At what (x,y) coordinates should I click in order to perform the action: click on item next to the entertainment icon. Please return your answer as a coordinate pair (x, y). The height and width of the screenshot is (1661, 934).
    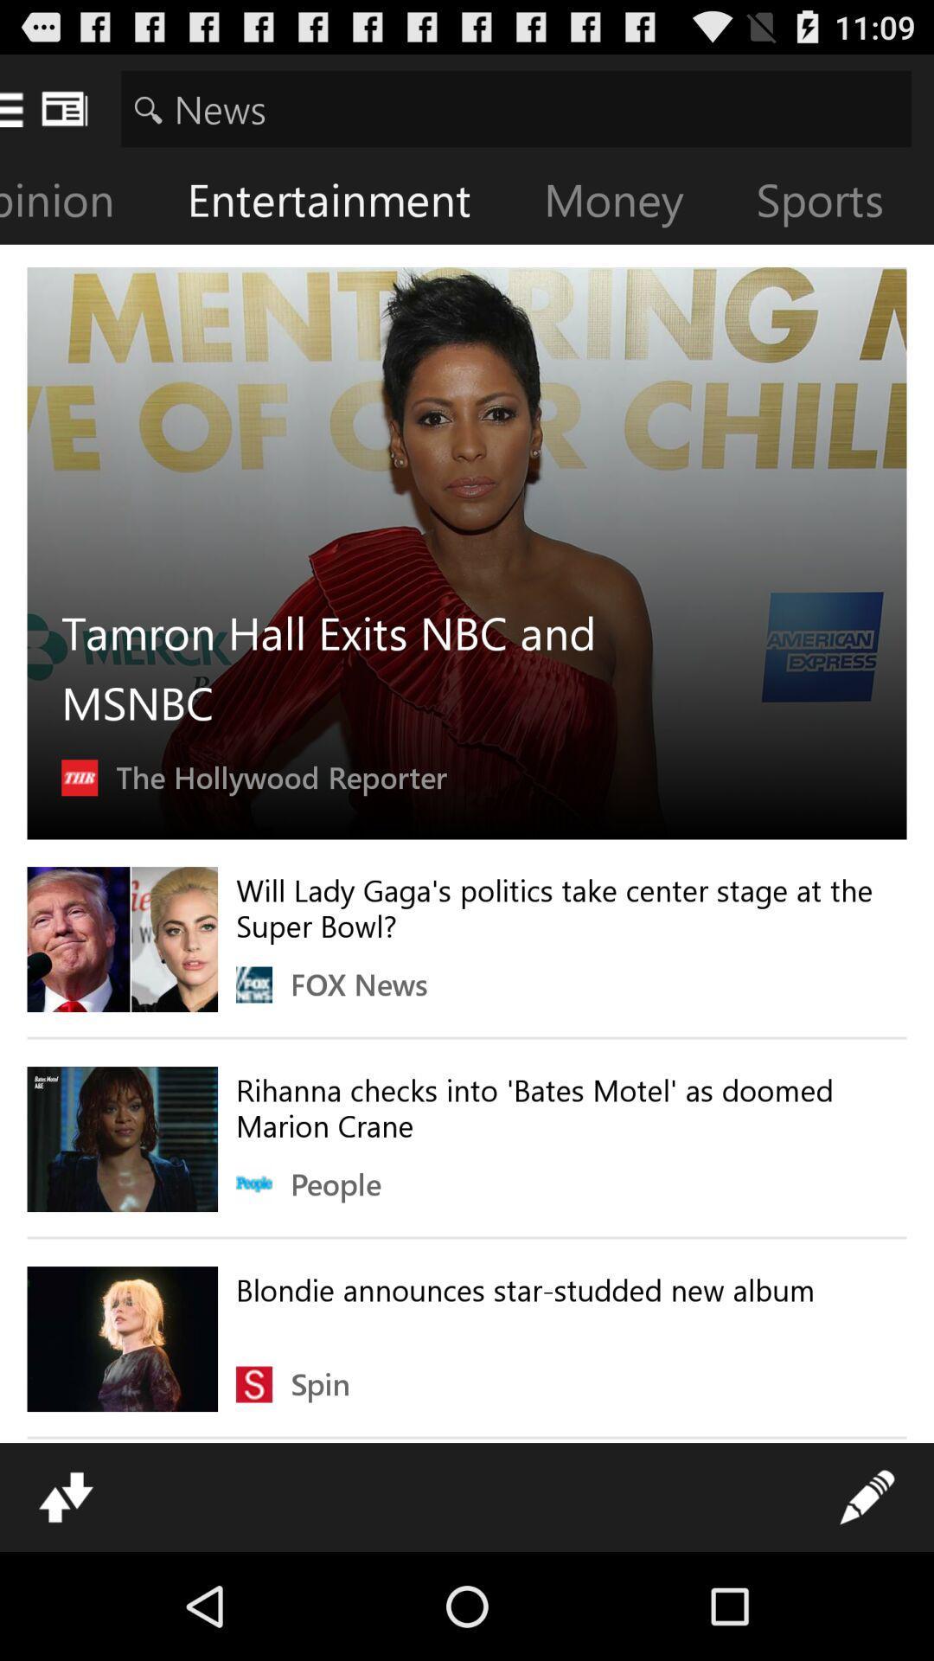
    Looking at the image, I should click on (82, 203).